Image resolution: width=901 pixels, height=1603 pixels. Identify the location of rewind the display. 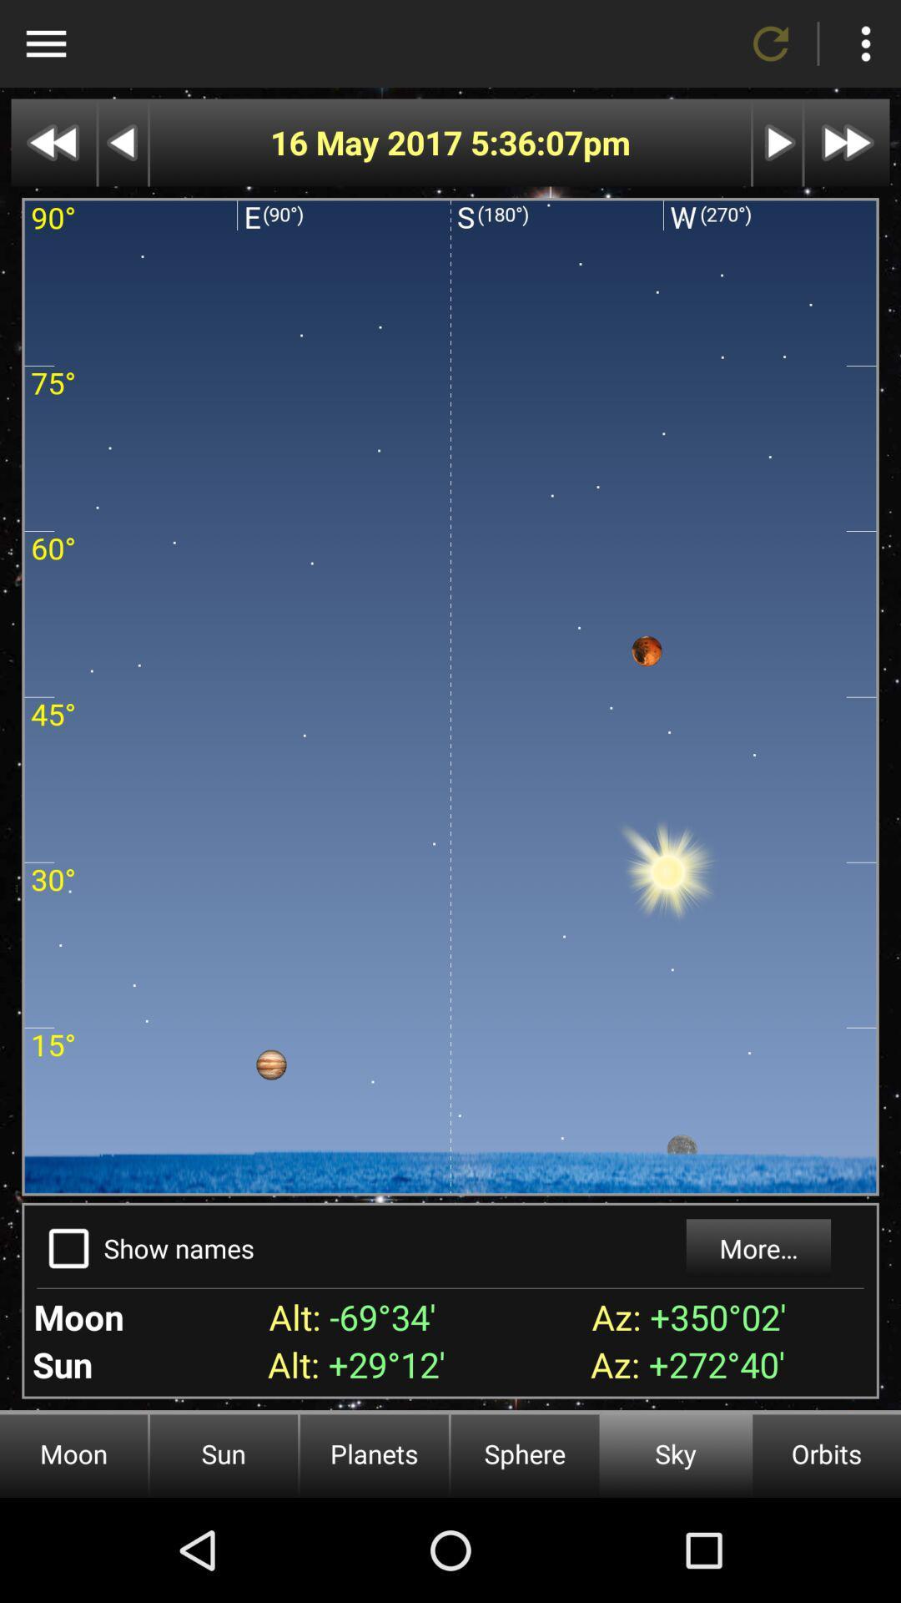
(53, 143).